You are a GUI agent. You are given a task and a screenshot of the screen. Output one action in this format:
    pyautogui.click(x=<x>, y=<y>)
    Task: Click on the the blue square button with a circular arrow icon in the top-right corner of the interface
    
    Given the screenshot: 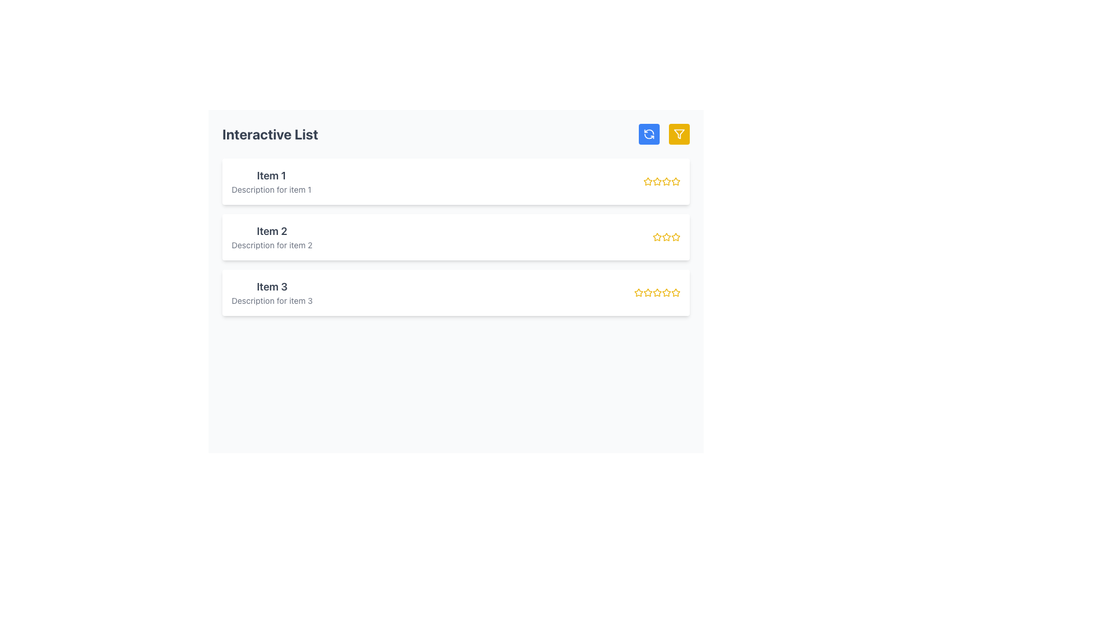 What is the action you would take?
    pyautogui.click(x=649, y=133)
    